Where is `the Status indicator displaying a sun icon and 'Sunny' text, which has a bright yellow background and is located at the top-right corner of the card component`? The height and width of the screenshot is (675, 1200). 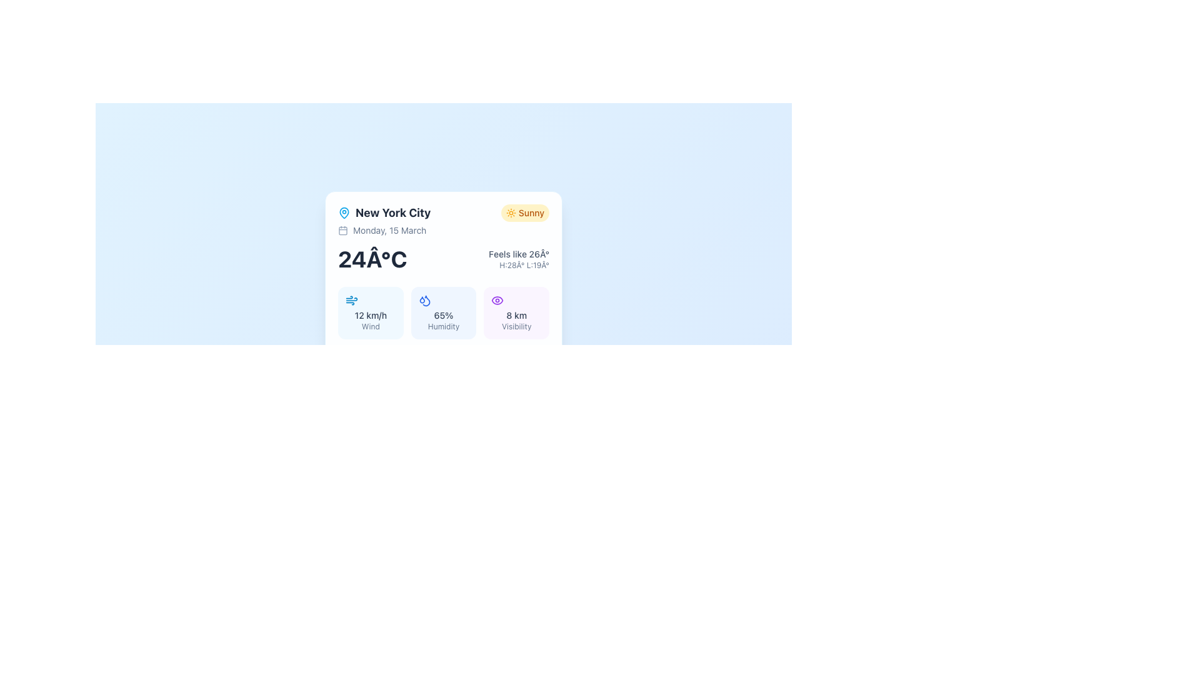
the Status indicator displaying a sun icon and 'Sunny' text, which has a bright yellow background and is located at the top-right corner of the card component is located at coordinates (525, 212).